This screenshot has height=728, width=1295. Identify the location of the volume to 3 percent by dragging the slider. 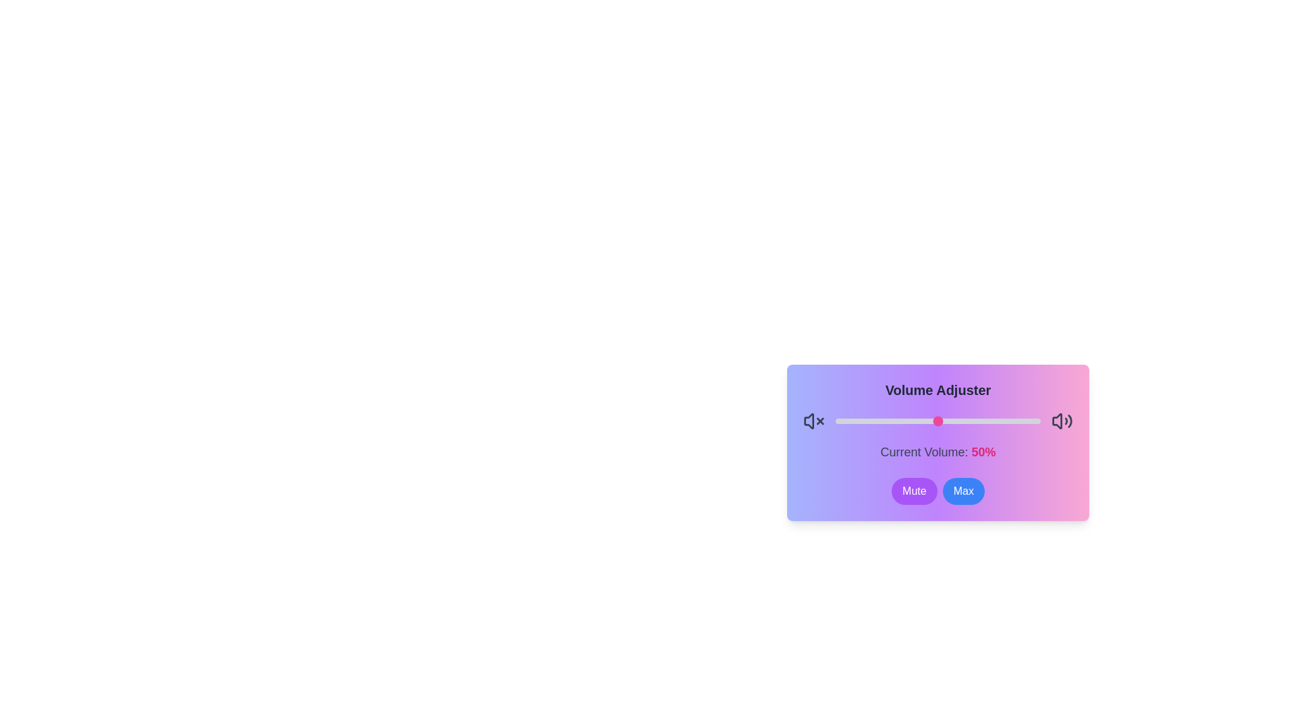
(841, 420).